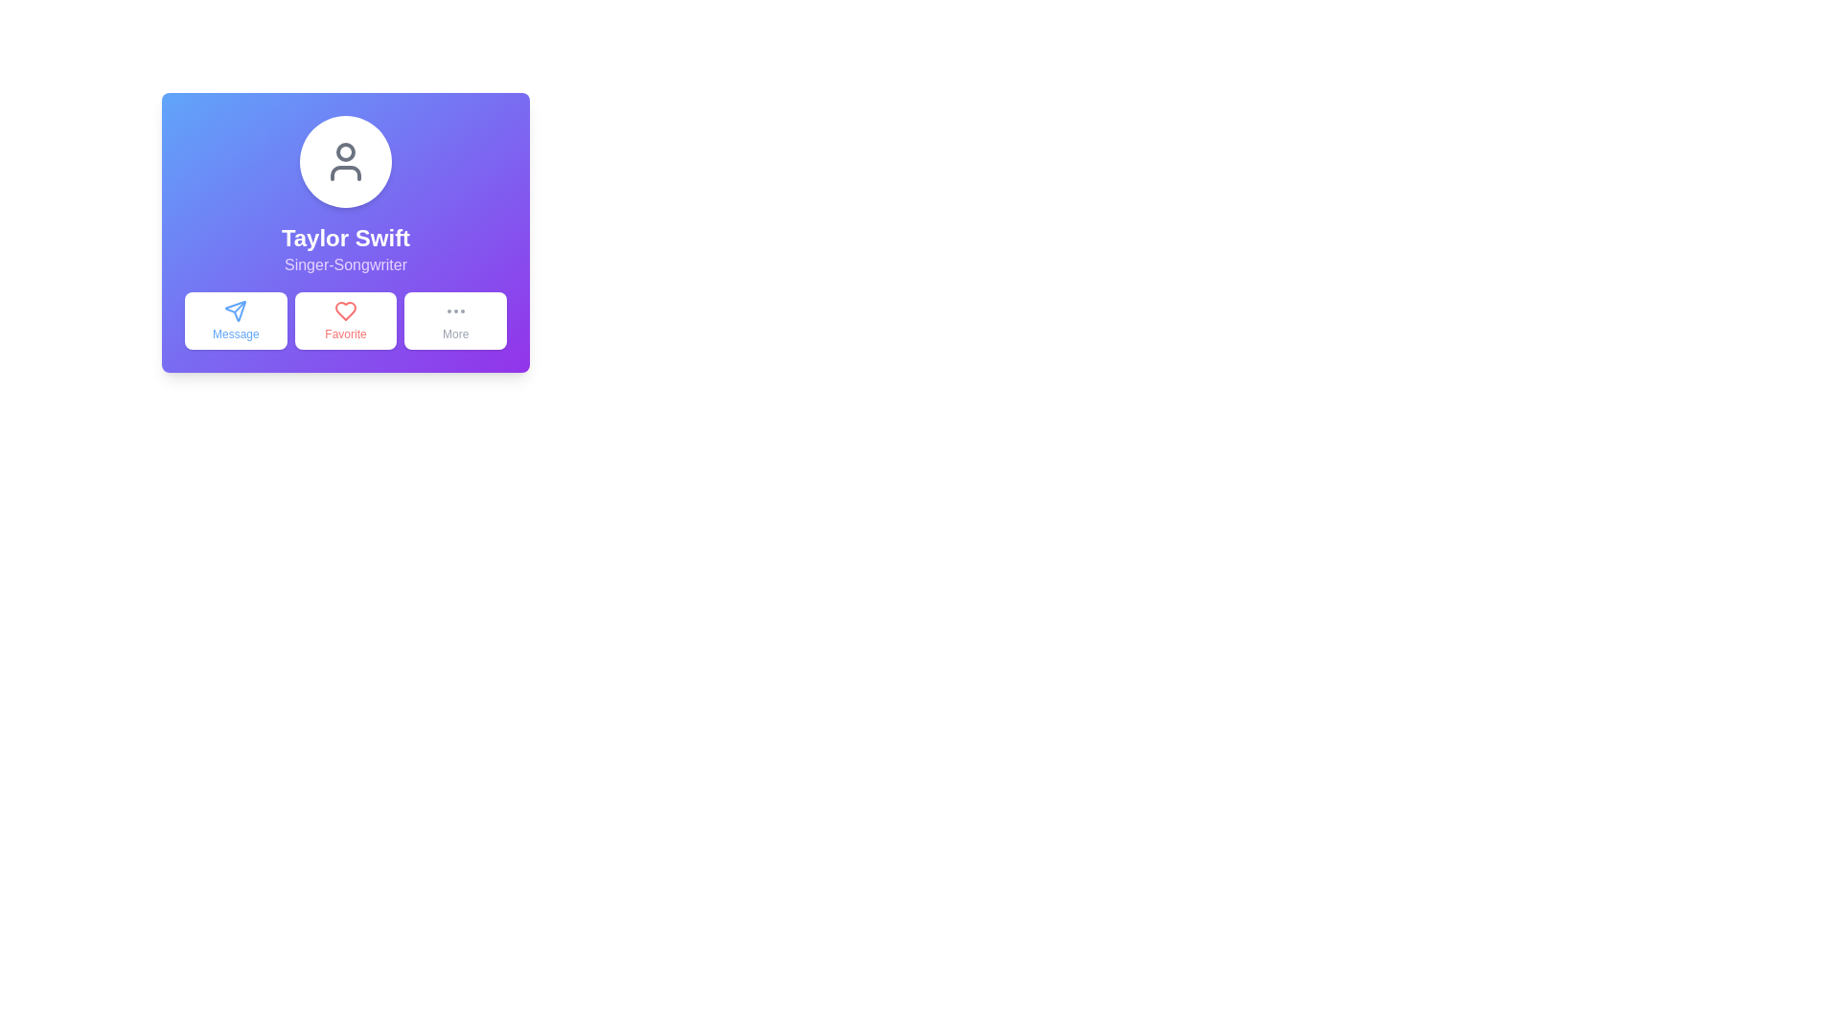  What do you see at coordinates (454, 320) in the screenshot?
I see `the user profile options button located at the bottom right of the group of three buttons (Message, Favorite, Options) by moving the keyboard navigation to it` at bounding box center [454, 320].